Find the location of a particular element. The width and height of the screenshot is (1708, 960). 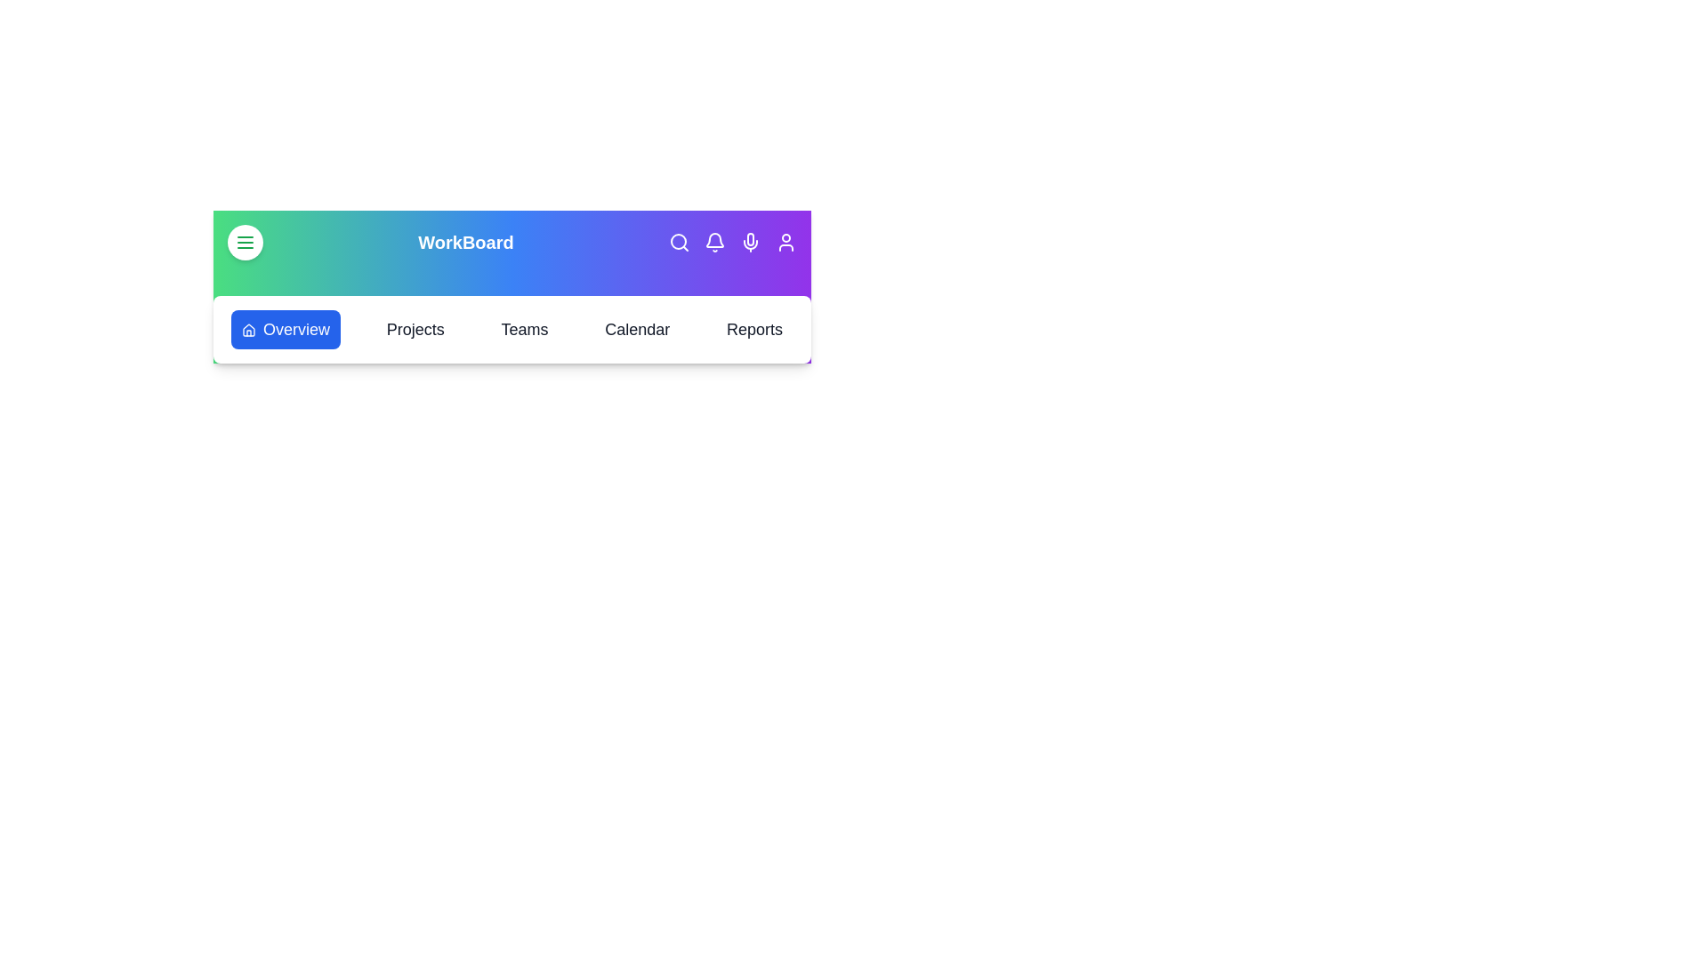

the Notifications icon is located at coordinates (714, 243).